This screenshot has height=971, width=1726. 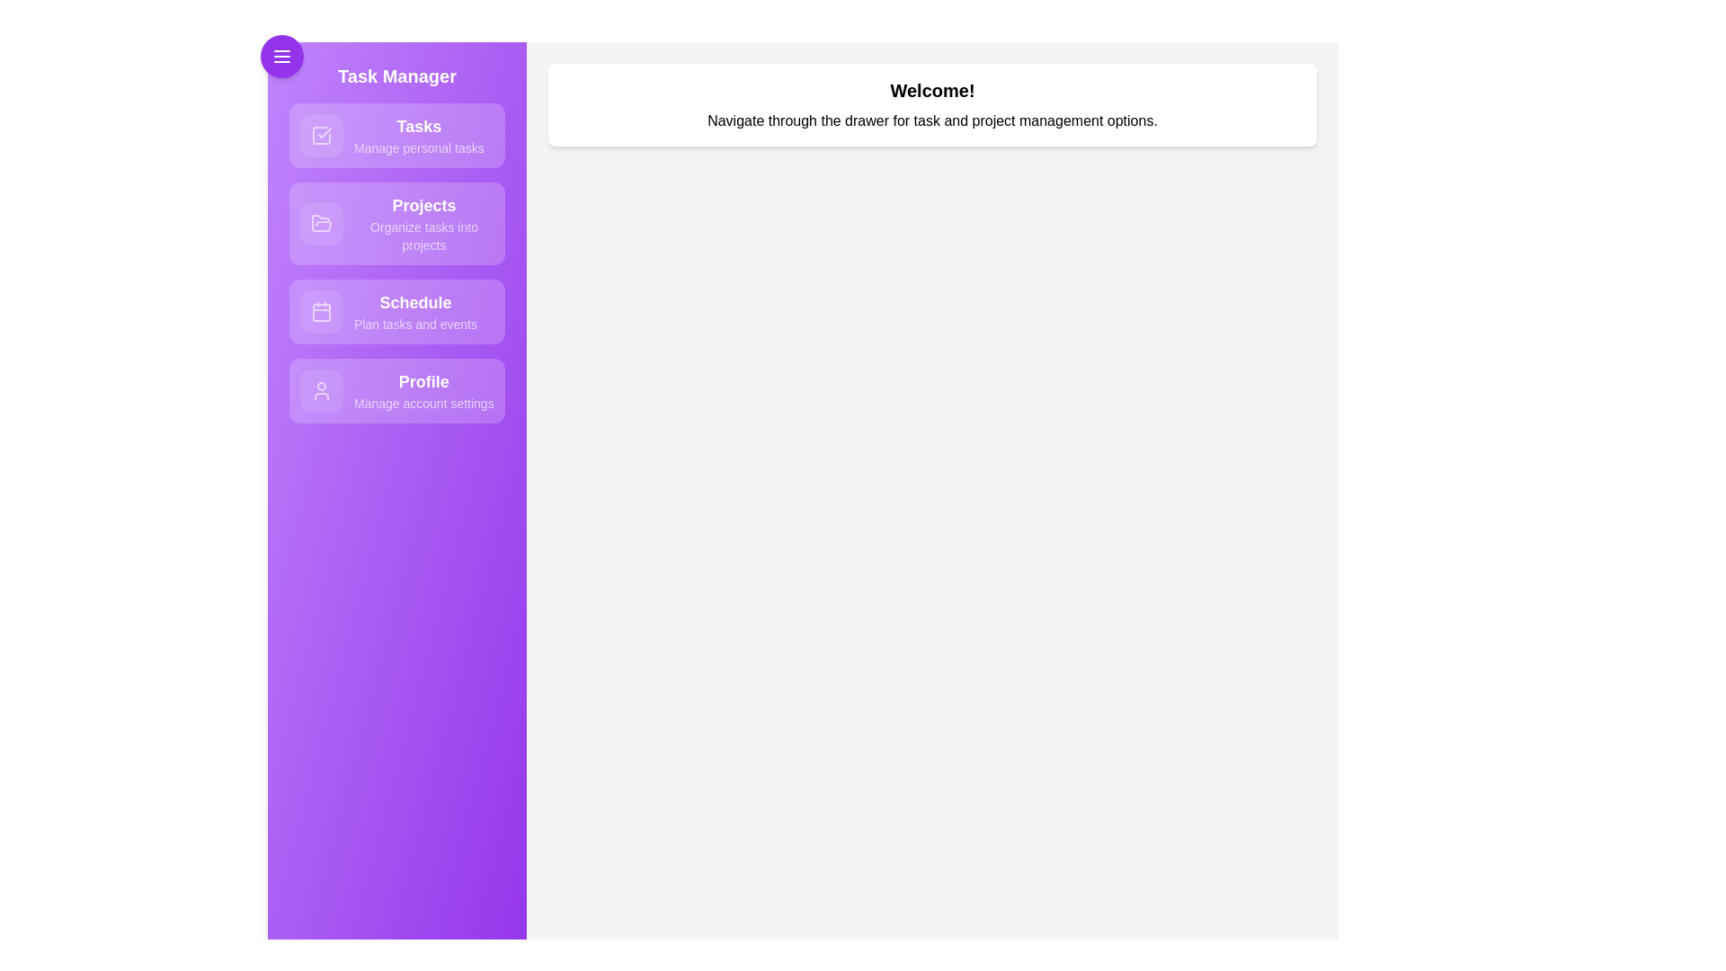 What do you see at coordinates (280, 55) in the screenshot?
I see `the menu button to toggle the sidebar visibility` at bounding box center [280, 55].